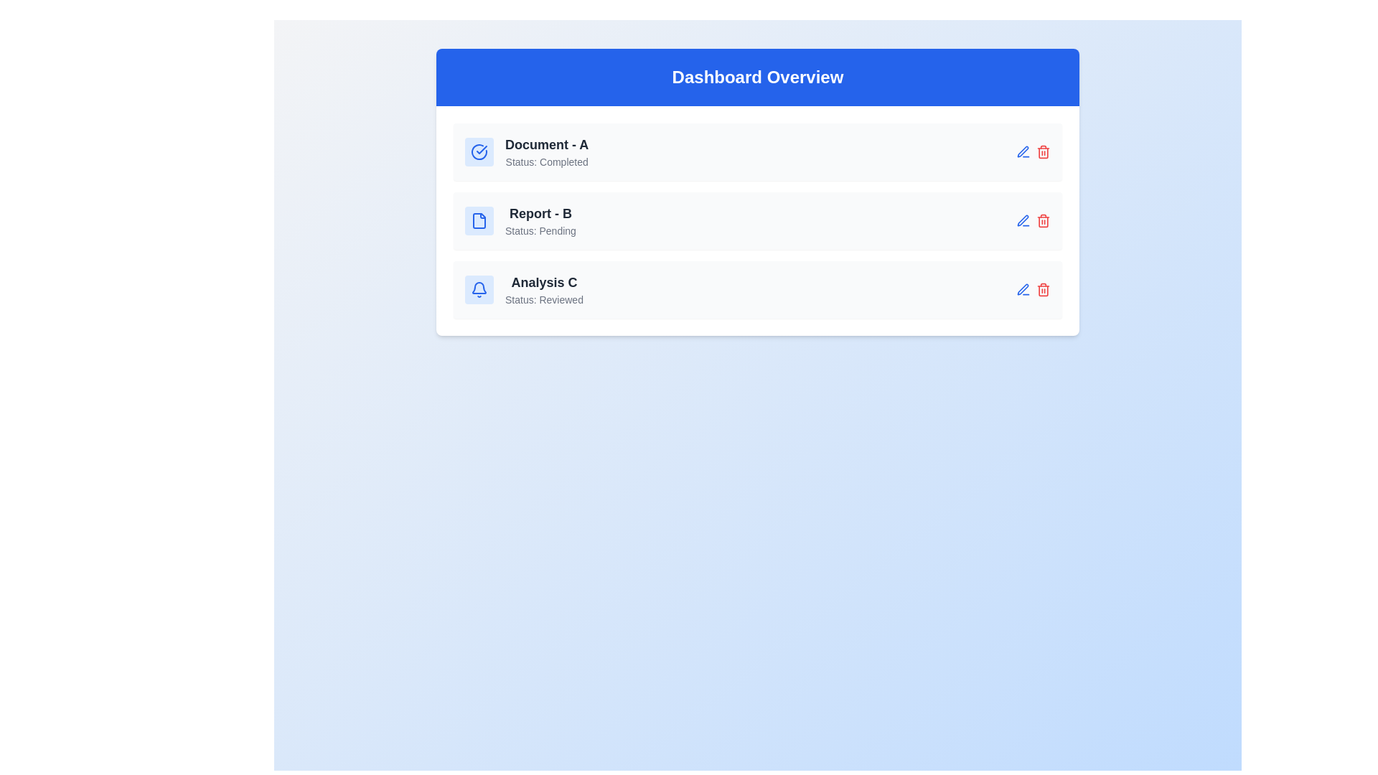 The width and height of the screenshot is (1378, 775). I want to click on the document status section with a blue circular checkmark icon on the left, displaying 'Document - A' and 'Status: Completed' text, so click(526, 152).